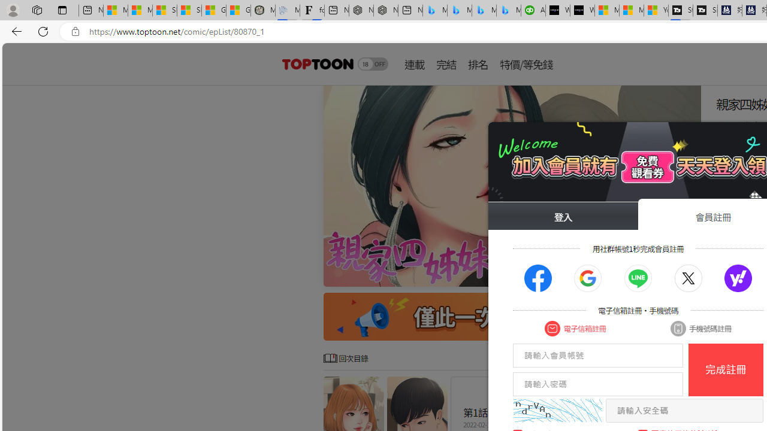 The image size is (767, 431). What do you see at coordinates (459, 10) in the screenshot?
I see `'Microsoft Bing Travel - Stays in Bangkok, Bangkok, Thailand'` at bounding box center [459, 10].